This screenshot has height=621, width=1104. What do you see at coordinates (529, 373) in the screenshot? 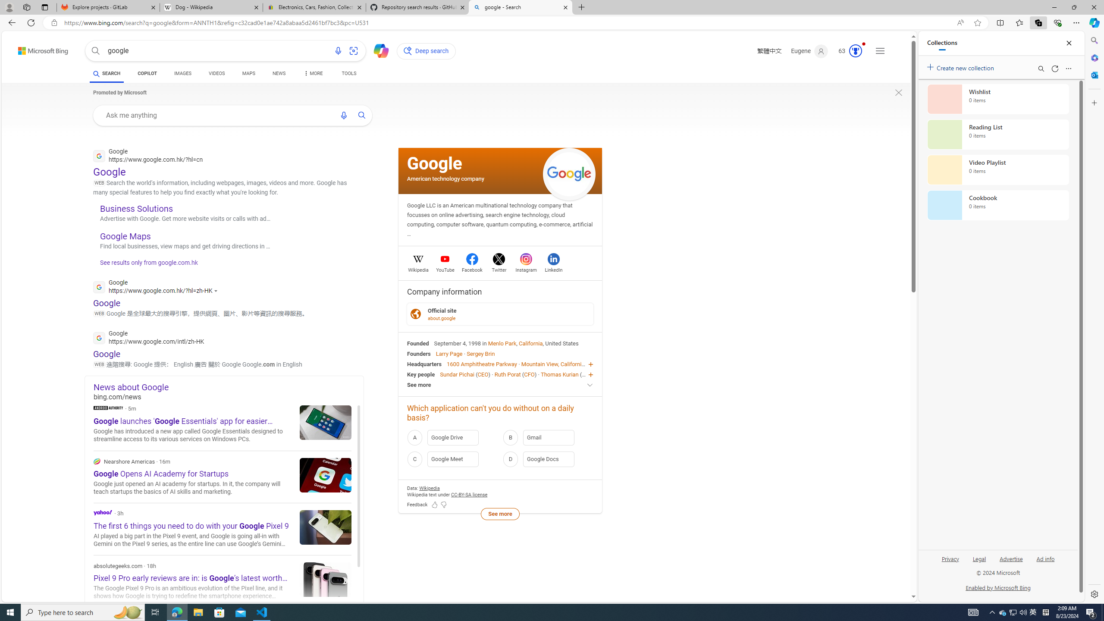
I see `'CFO'` at bounding box center [529, 373].